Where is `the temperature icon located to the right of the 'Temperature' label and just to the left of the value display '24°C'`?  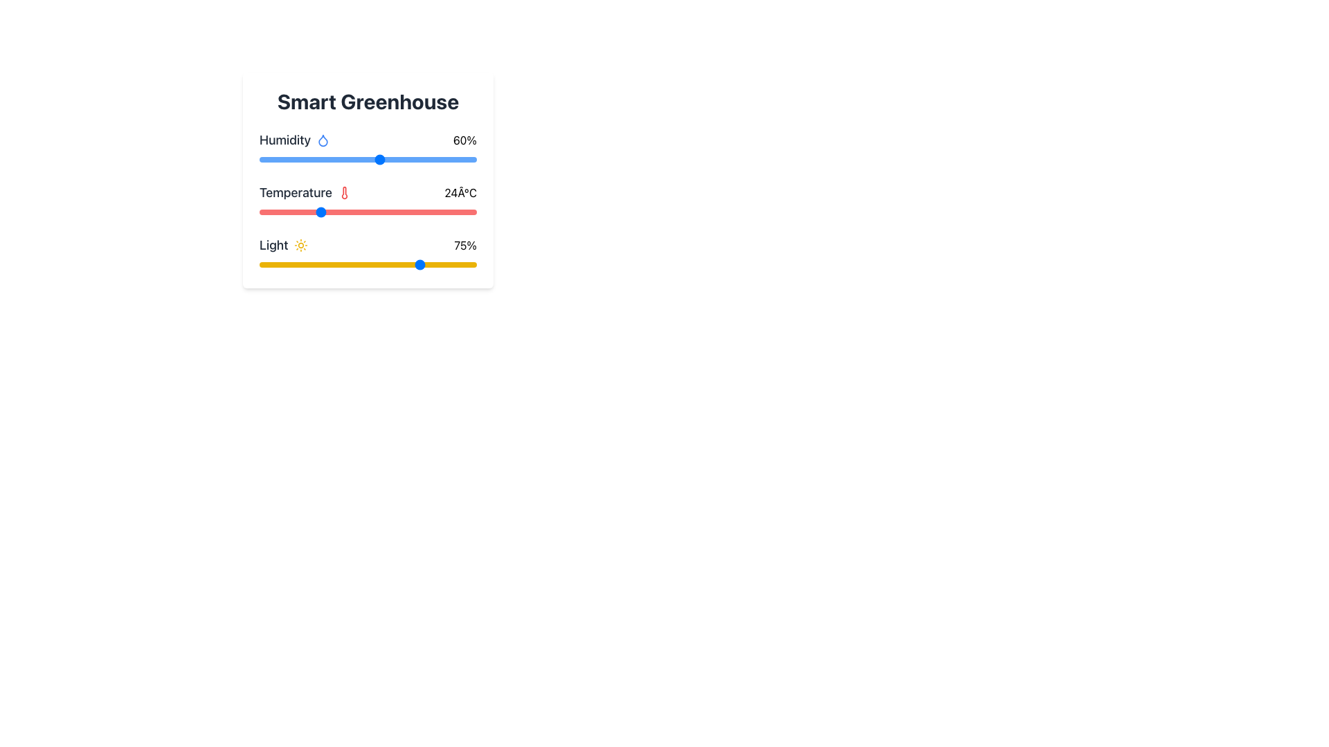
the temperature icon located to the right of the 'Temperature' label and just to the left of the value display '24°C' is located at coordinates (344, 192).